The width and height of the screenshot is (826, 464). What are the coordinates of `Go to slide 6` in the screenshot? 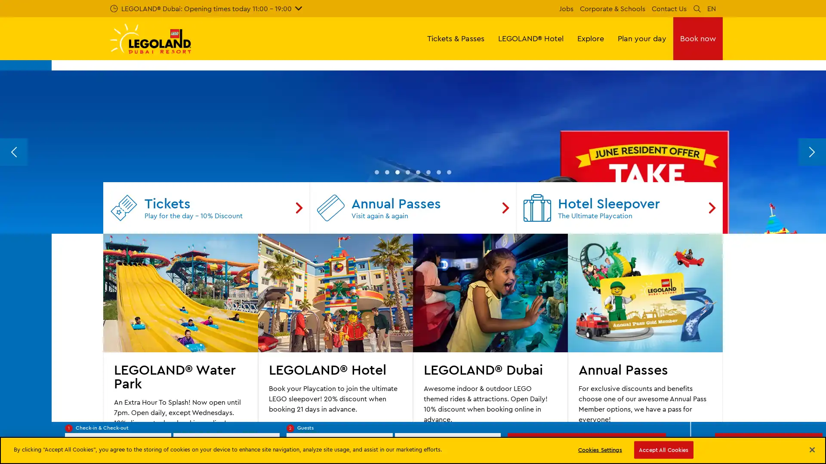 It's located at (428, 342).